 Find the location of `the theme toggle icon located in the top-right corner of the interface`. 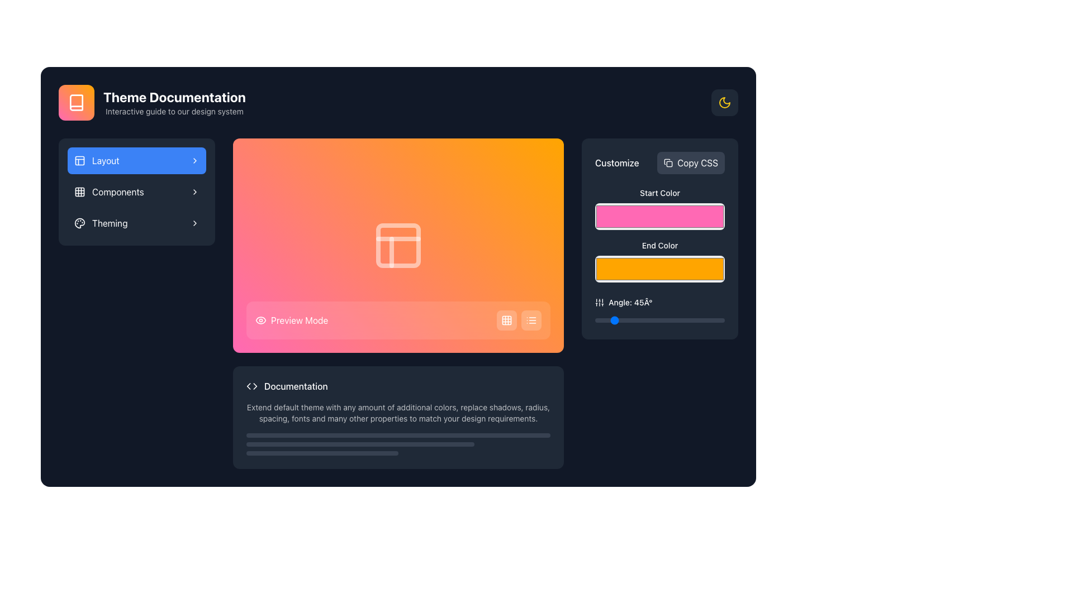

the theme toggle icon located in the top-right corner of the interface is located at coordinates (724, 103).